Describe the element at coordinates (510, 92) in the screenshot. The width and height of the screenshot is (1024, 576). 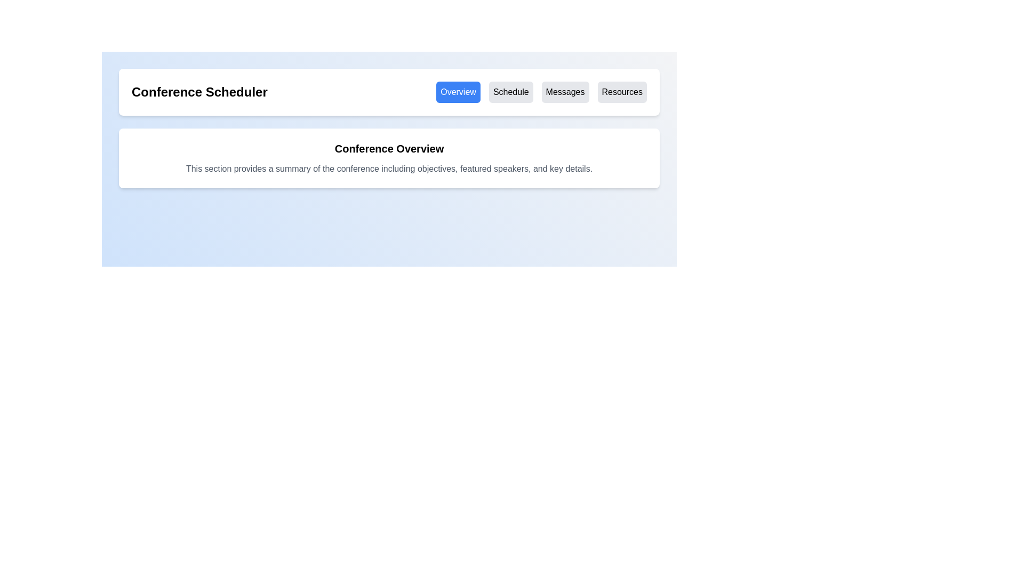
I see `the 'Schedule' button` at that location.